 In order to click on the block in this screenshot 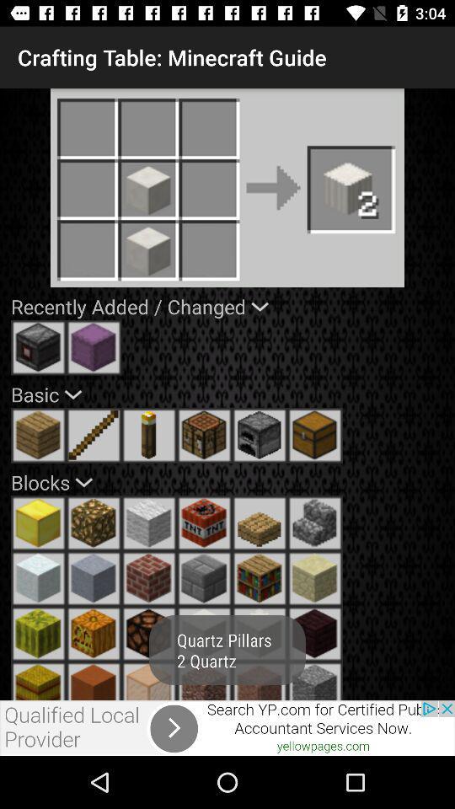, I will do `click(38, 522)`.